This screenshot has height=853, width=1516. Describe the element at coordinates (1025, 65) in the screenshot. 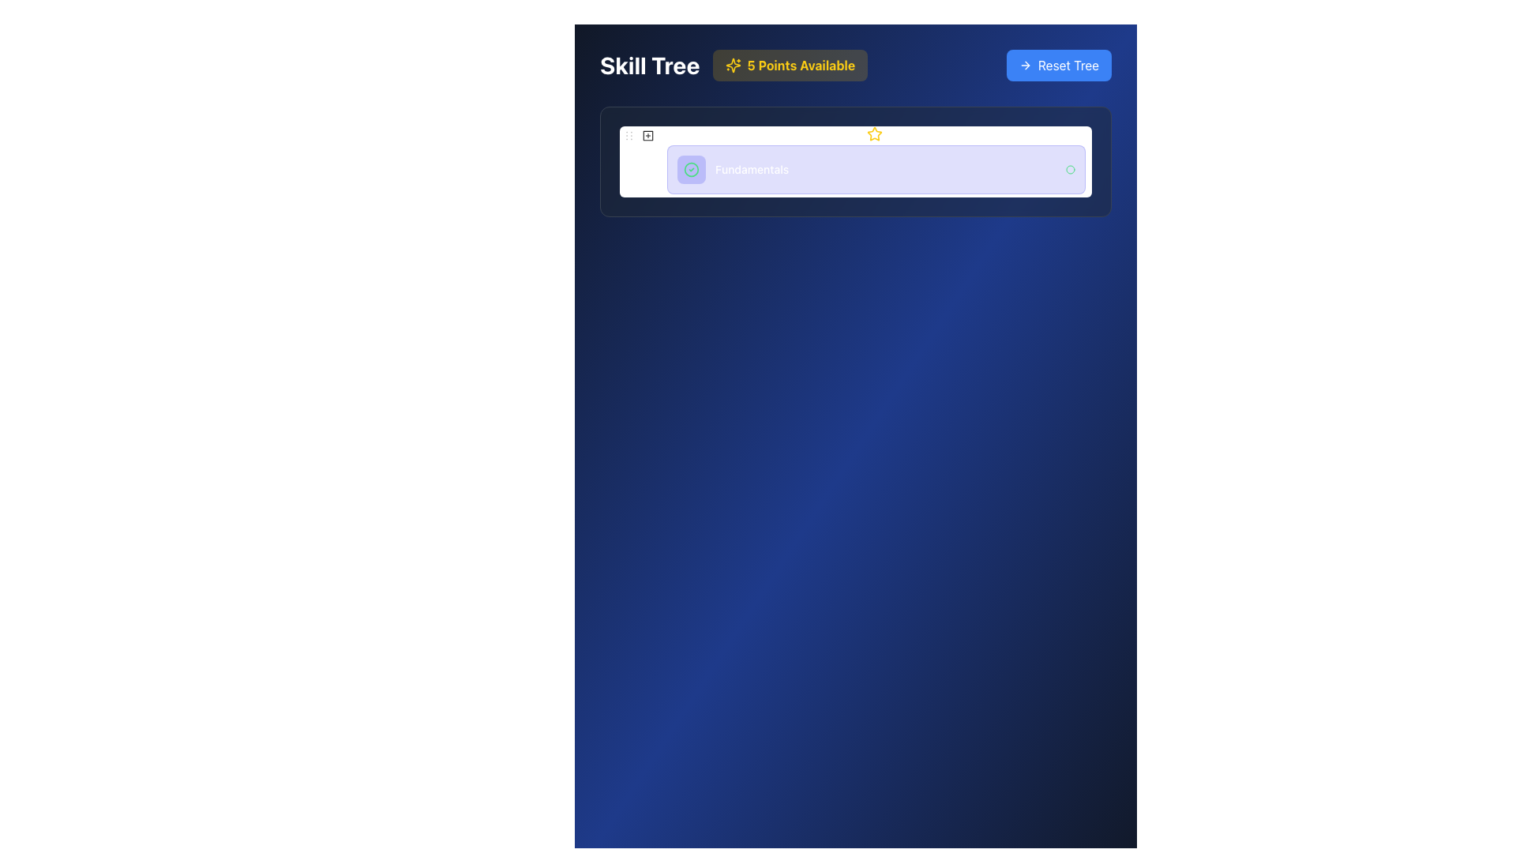

I see `the icon located on the far left side of the 'Reset Tree' button, which indicates a reset action` at that location.